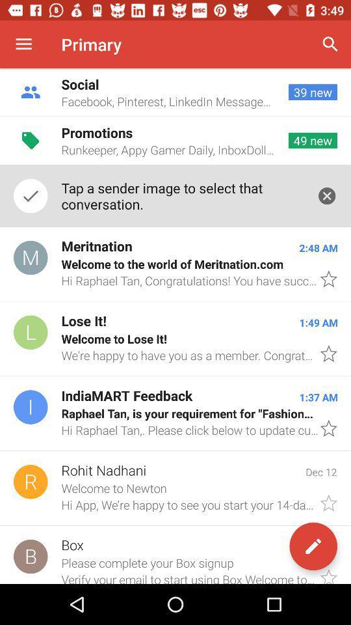 Image resolution: width=351 pixels, height=625 pixels. Describe the element at coordinates (181, 196) in the screenshot. I see `tap a sender icon` at that location.